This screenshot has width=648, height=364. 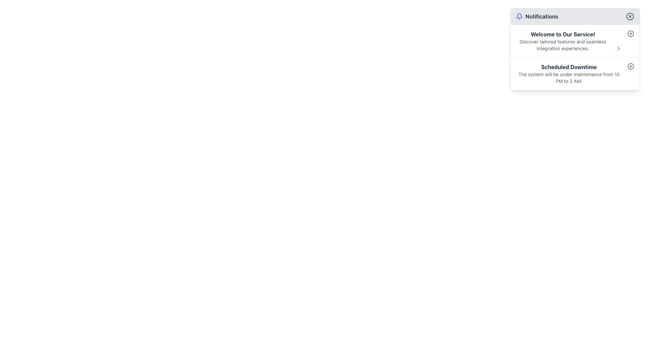 I want to click on the informational message about upcoming scheduled maintenance, which is the second notification item located centrally within the 'Notifications' pane, beneath the 'Welcome to Our Service!' section, so click(x=568, y=74).